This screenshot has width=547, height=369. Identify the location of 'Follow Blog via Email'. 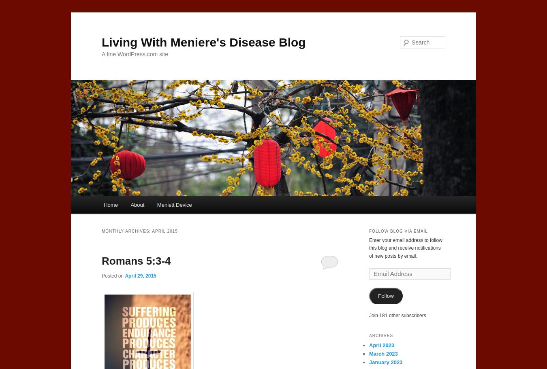
(397, 231).